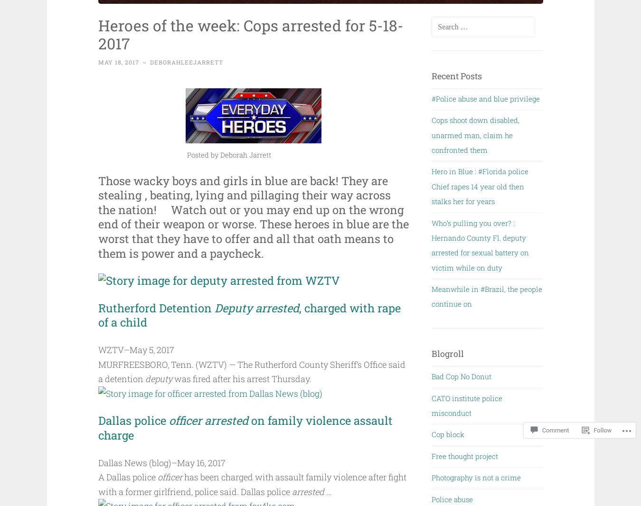 This screenshot has width=641, height=506. Describe the element at coordinates (250, 33) in the screenshot. I see `'Heroes of the week: Cops arrested for 5-18-2017'` at that location.